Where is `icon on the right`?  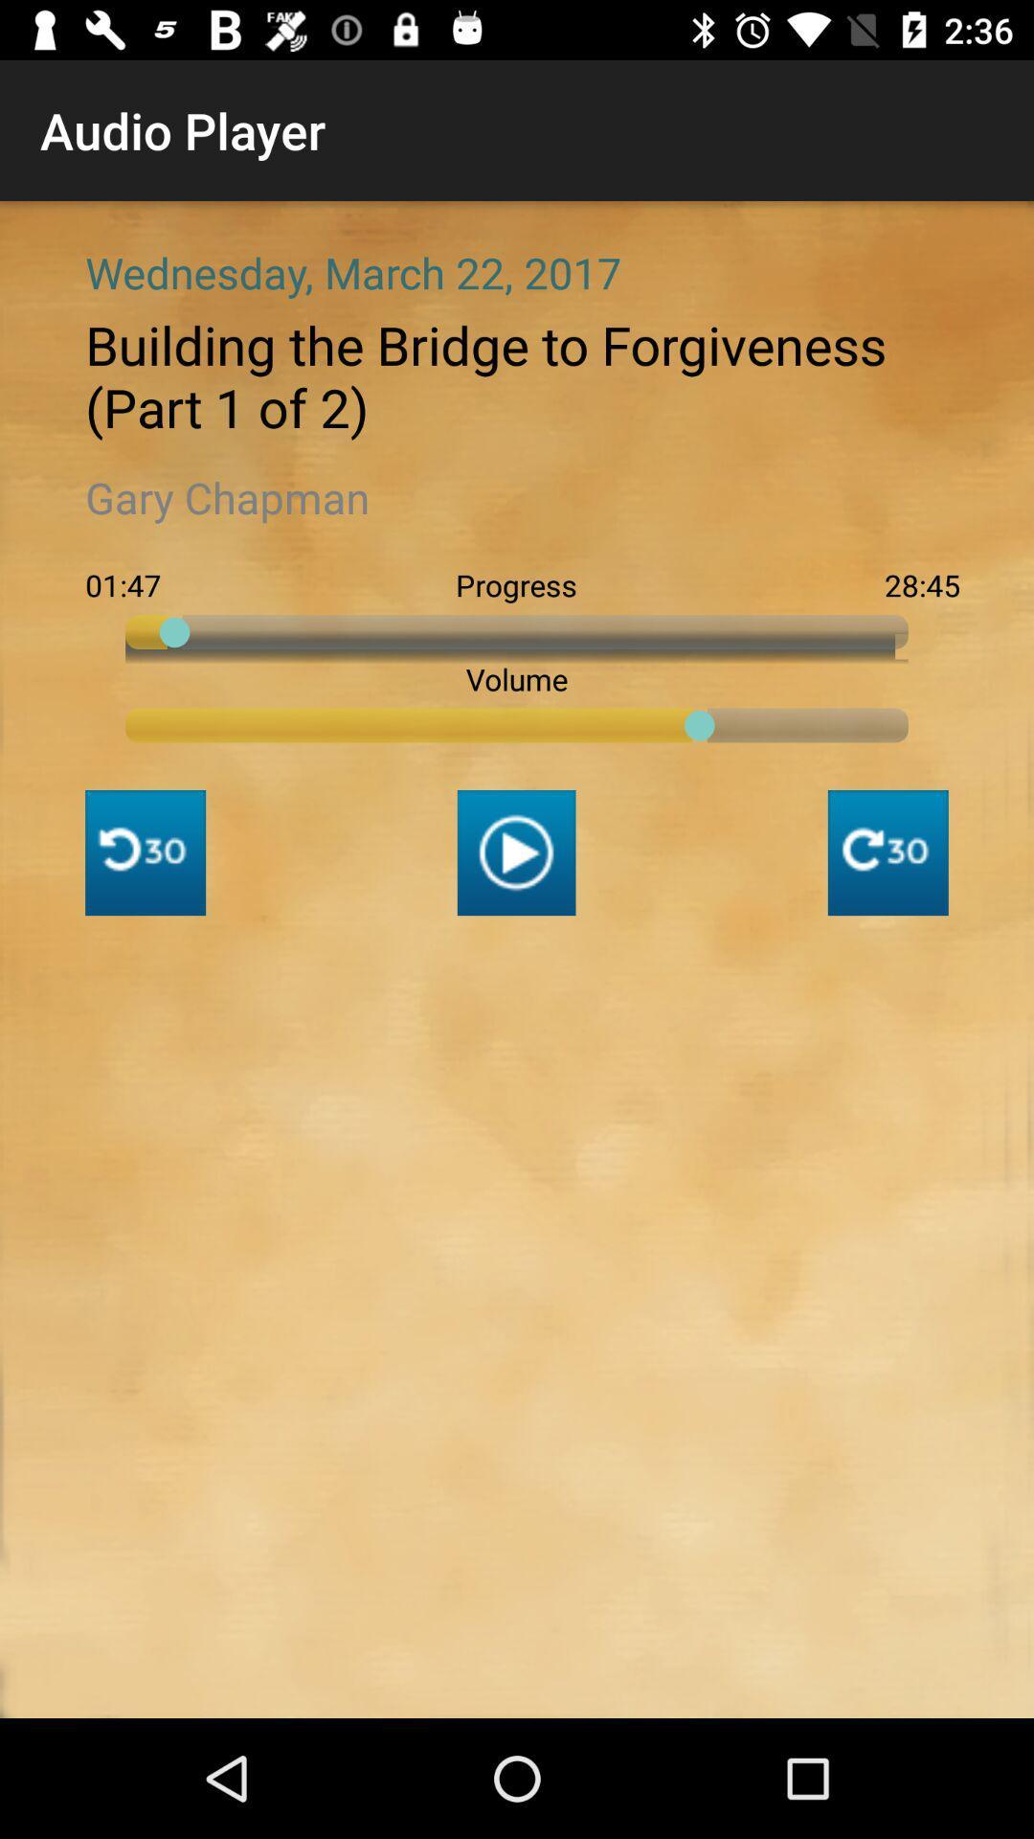
icon on the right is located at coordinates (888, 851).